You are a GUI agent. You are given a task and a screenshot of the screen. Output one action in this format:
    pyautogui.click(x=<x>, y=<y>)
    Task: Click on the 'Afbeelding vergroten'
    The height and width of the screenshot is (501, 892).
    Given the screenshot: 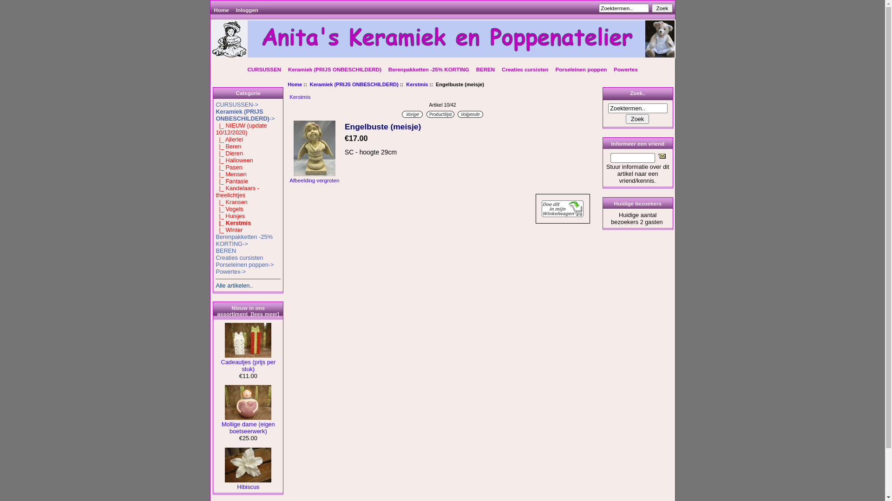 What is the action you would take?
    pyautogui.click(x=314, y=177)
    